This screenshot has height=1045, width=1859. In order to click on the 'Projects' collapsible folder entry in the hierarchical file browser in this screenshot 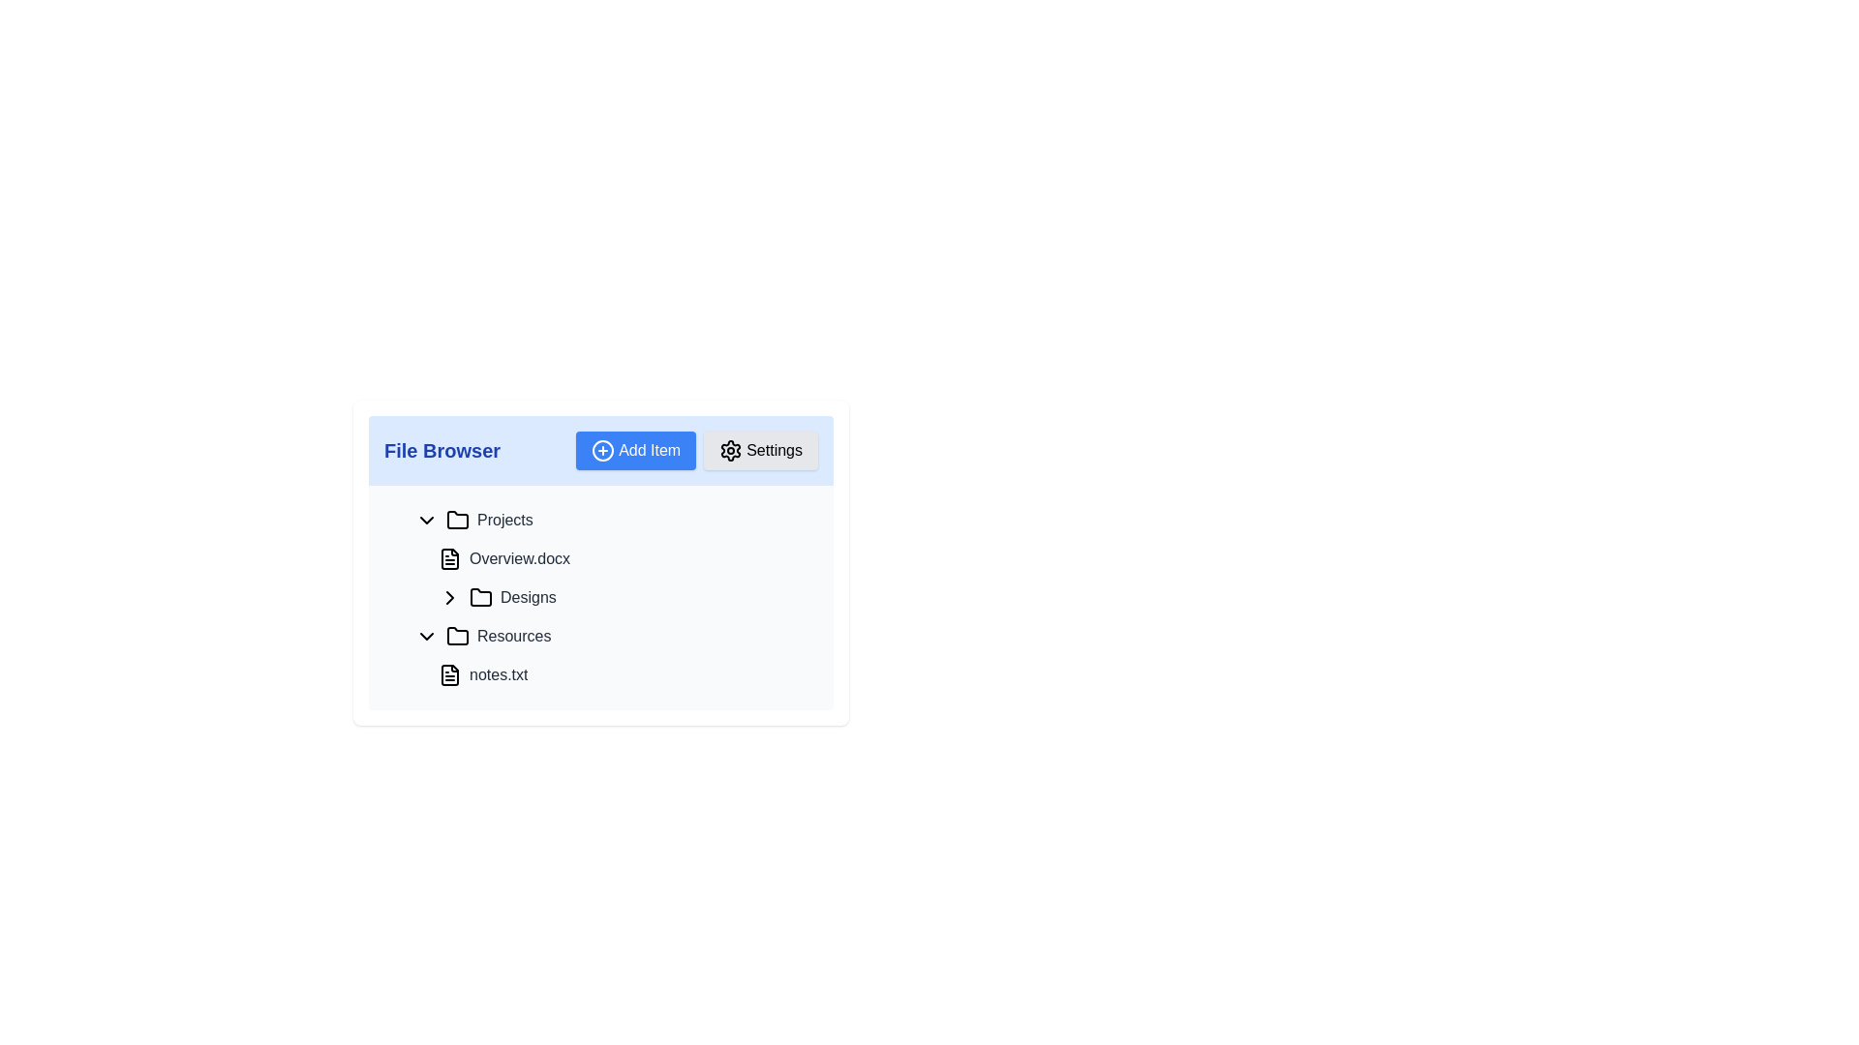, I will do `click(612, 519)`.